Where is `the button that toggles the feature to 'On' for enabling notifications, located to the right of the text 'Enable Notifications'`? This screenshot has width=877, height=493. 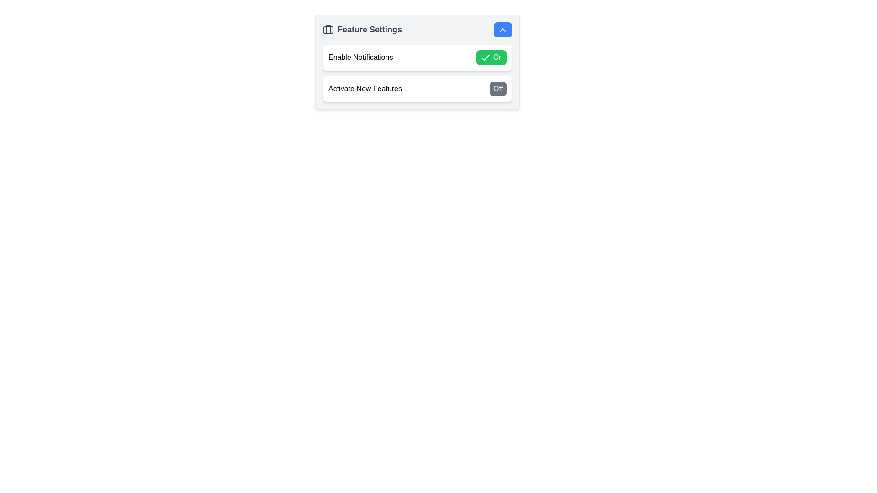
the button that toggles the feature to 'On' for enabling notifications, located to the right of the text 'Enable Notifications' is located at coordinates (491, 58).